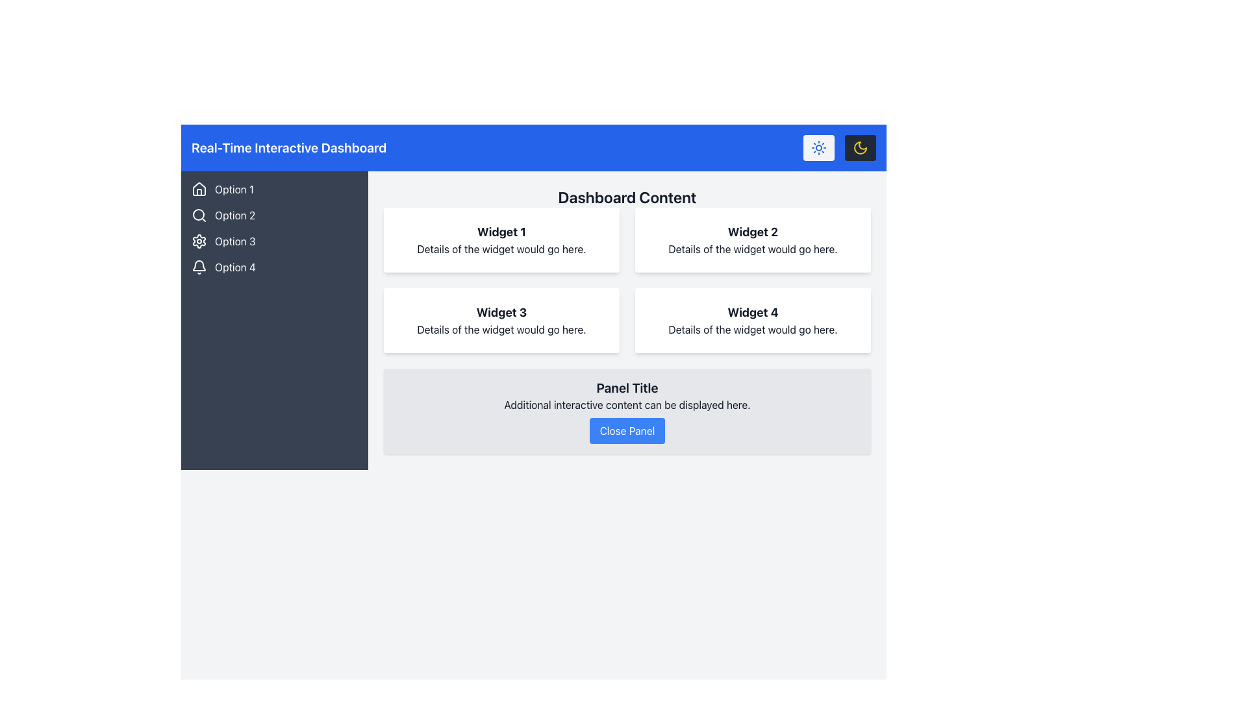 The width and height of the screenshot is (1247, 701). I want to click on the Vertical Navigation List, so click(273, 227).